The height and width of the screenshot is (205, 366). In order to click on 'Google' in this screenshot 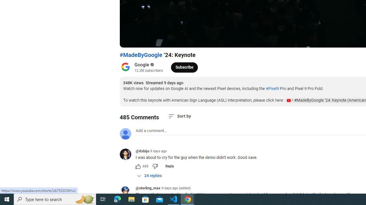, I will do `click(142, 64)`.